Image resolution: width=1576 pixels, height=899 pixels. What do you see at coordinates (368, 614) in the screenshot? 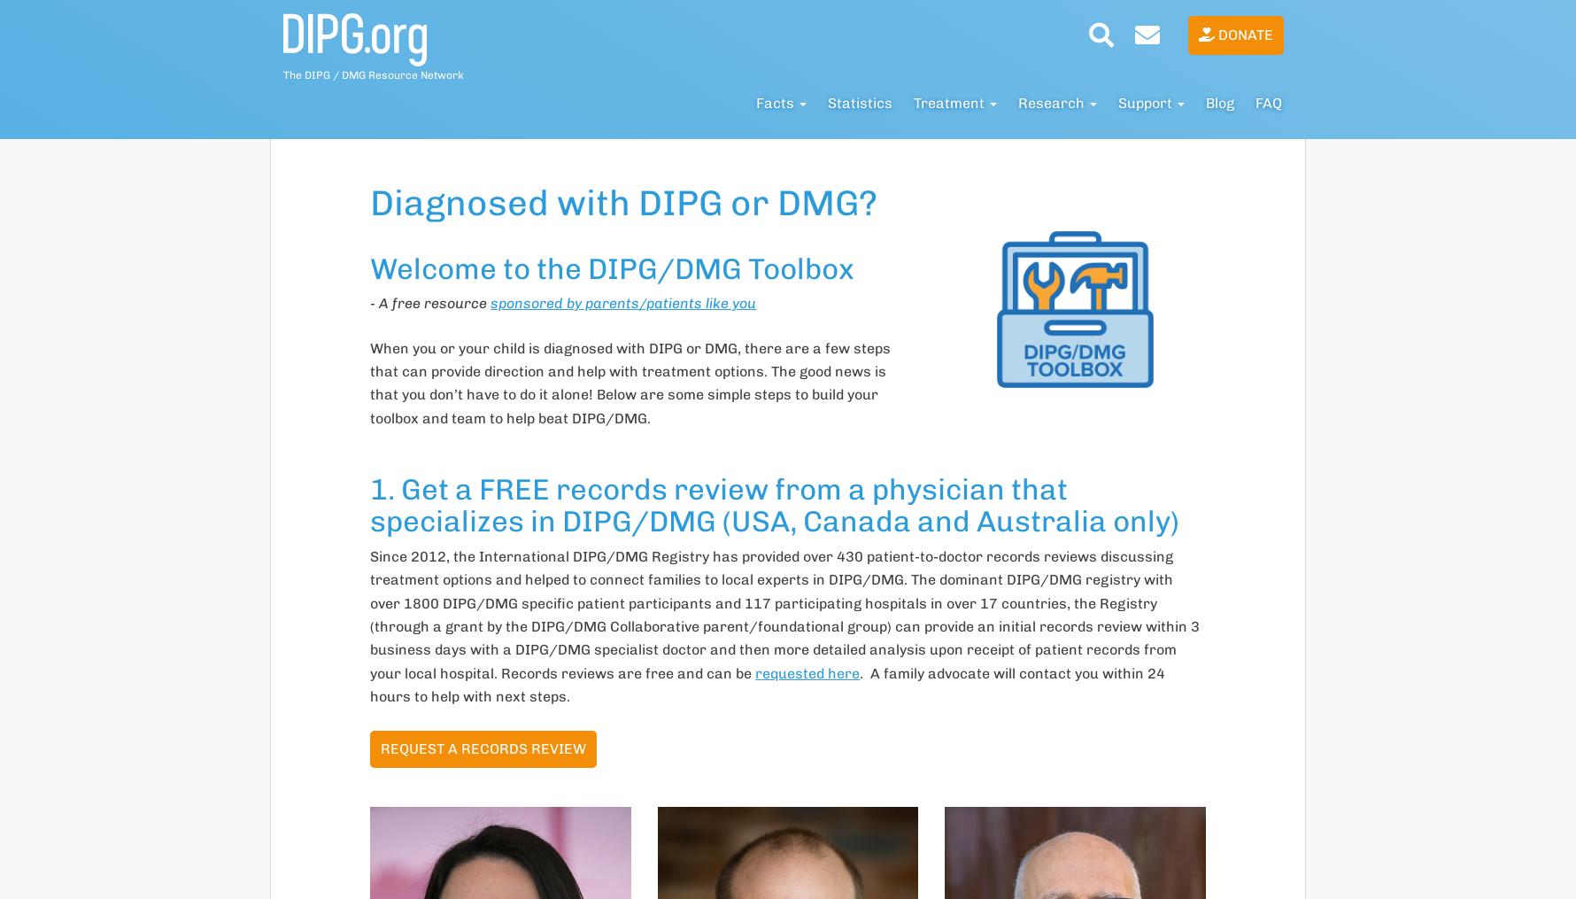
I see `'Since 2012, the International DIPG/DMG Registry has provided over 430 patient-to-doctor records reviews discussing treatment options and helped to connect families to local experts in DIPG/DMG. The dominant DIPG/DMG registry with over 1800 DIPG/DMG specific patient participants and 117 participating hospitals in over 17 countries, the Registry (through a grant by the DIPG/DMG Collaborative parent/foundational group) can provide an initial records review within 3 business days with a DIPG/DMG specialist doctor and then more detailed analysis upon receipt of patient records from your local hospital. Records reviews are free and can be'` at bounding box center [368, 614].